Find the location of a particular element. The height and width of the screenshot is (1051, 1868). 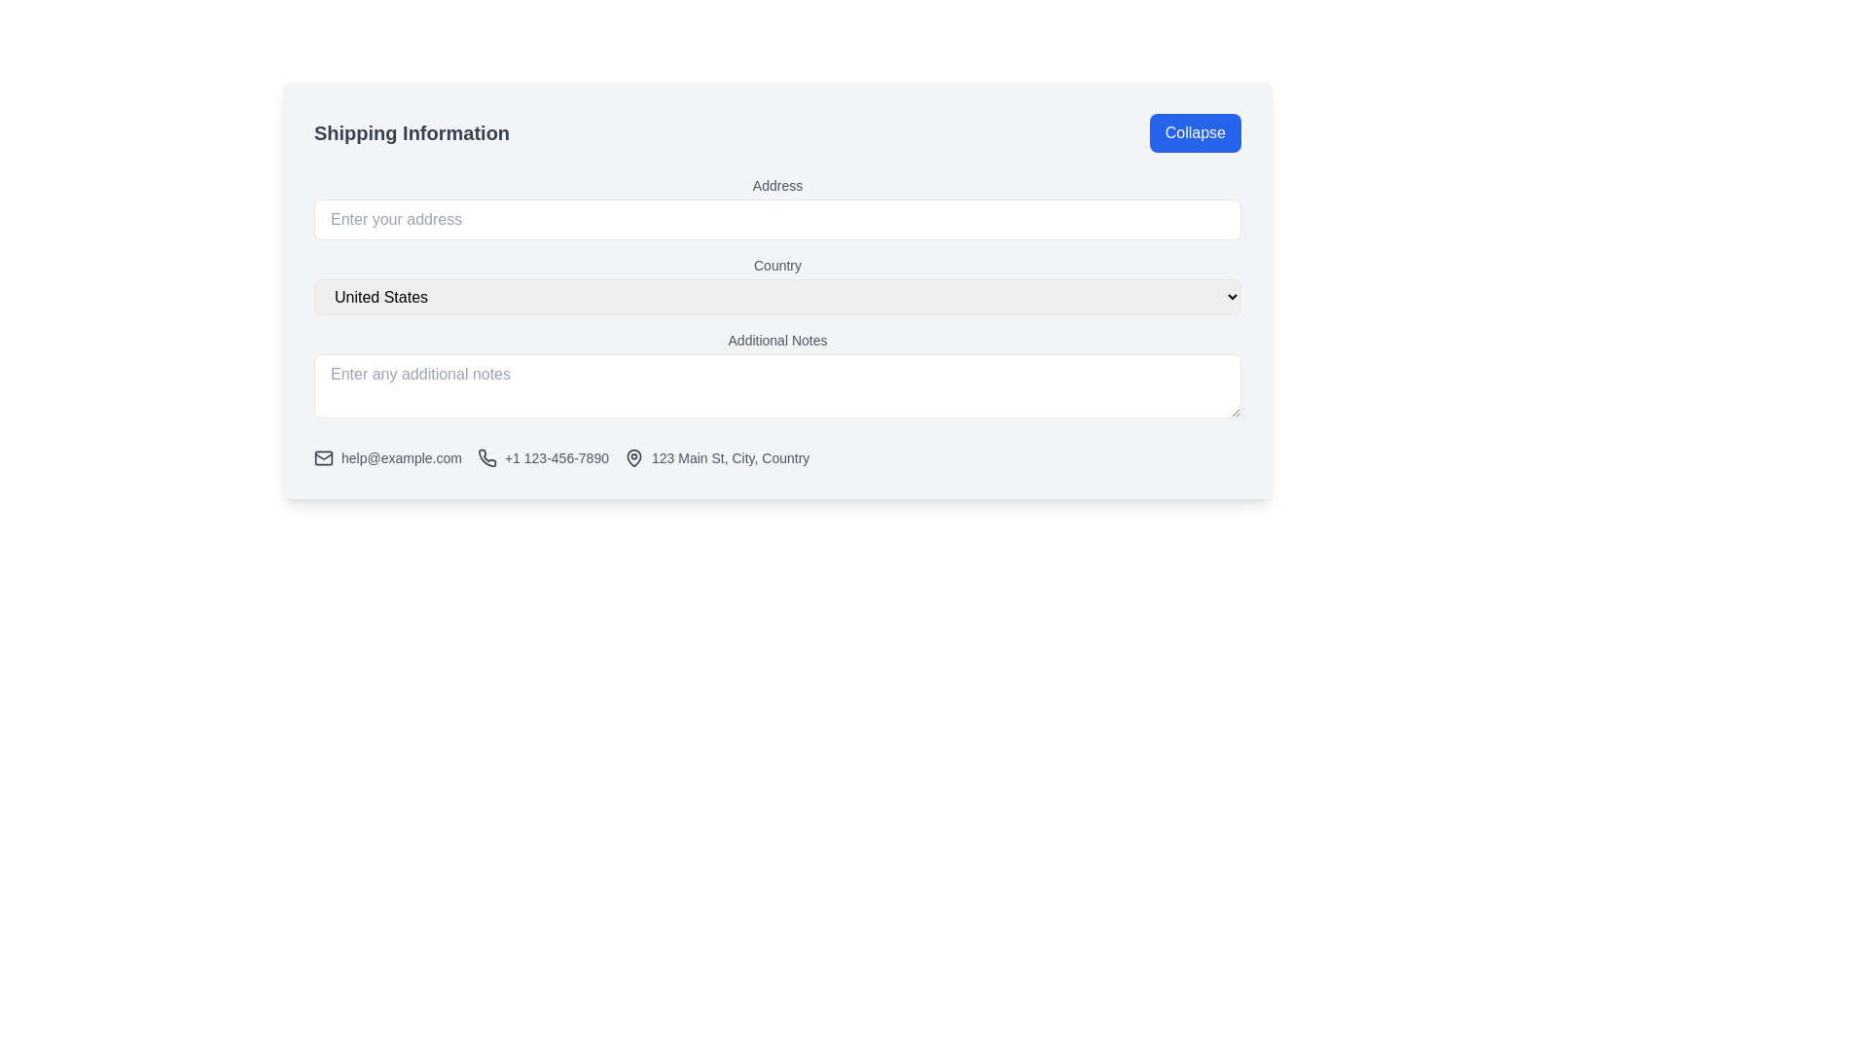

the 'Country' dropdown menu displaying 'United States' is located at coordinates (776, 285).